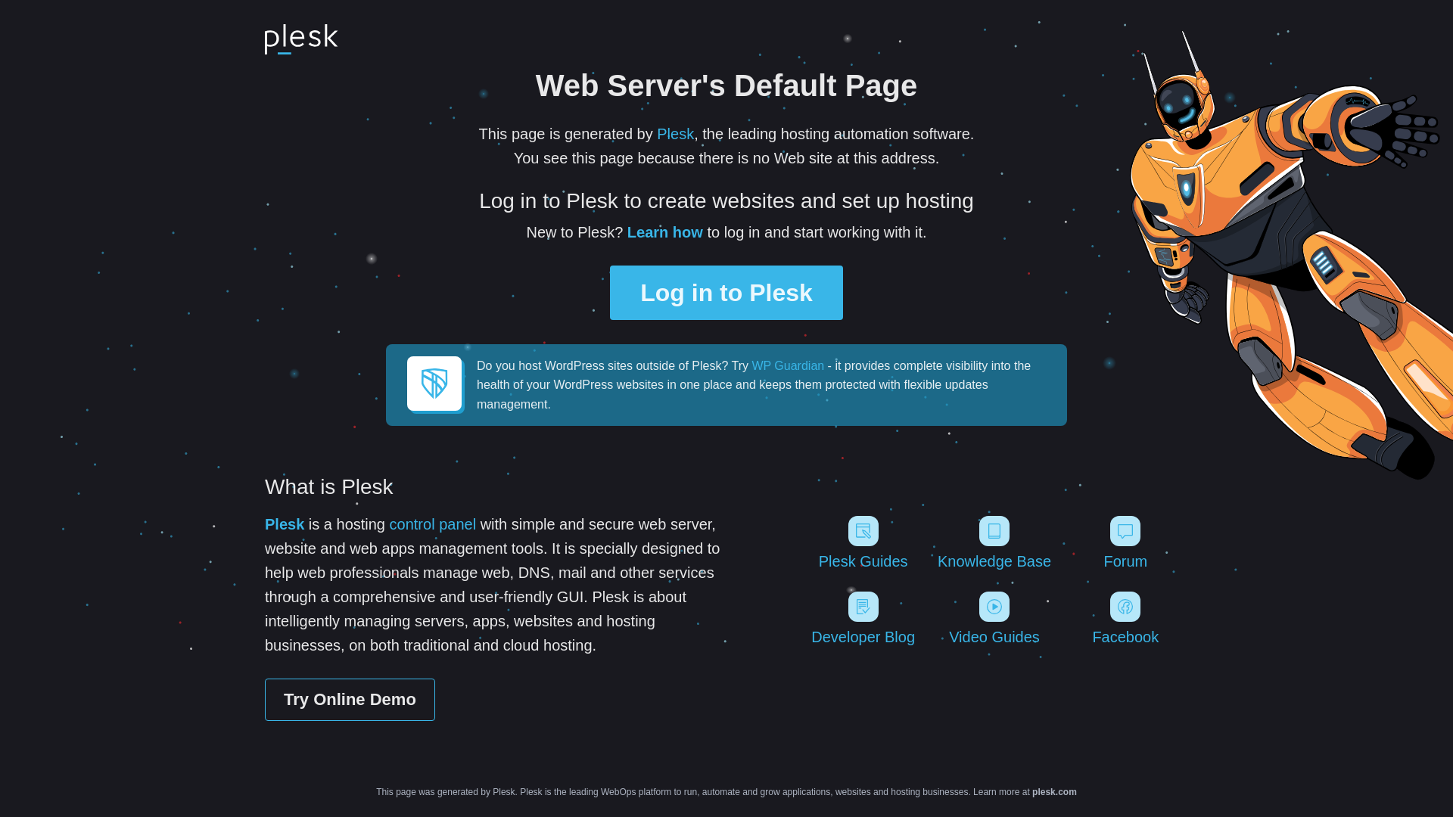  What do you see at coordinates (799, 618) in the screenshot?
I see `'Developer Blog'` at bounding box center [799, 618].